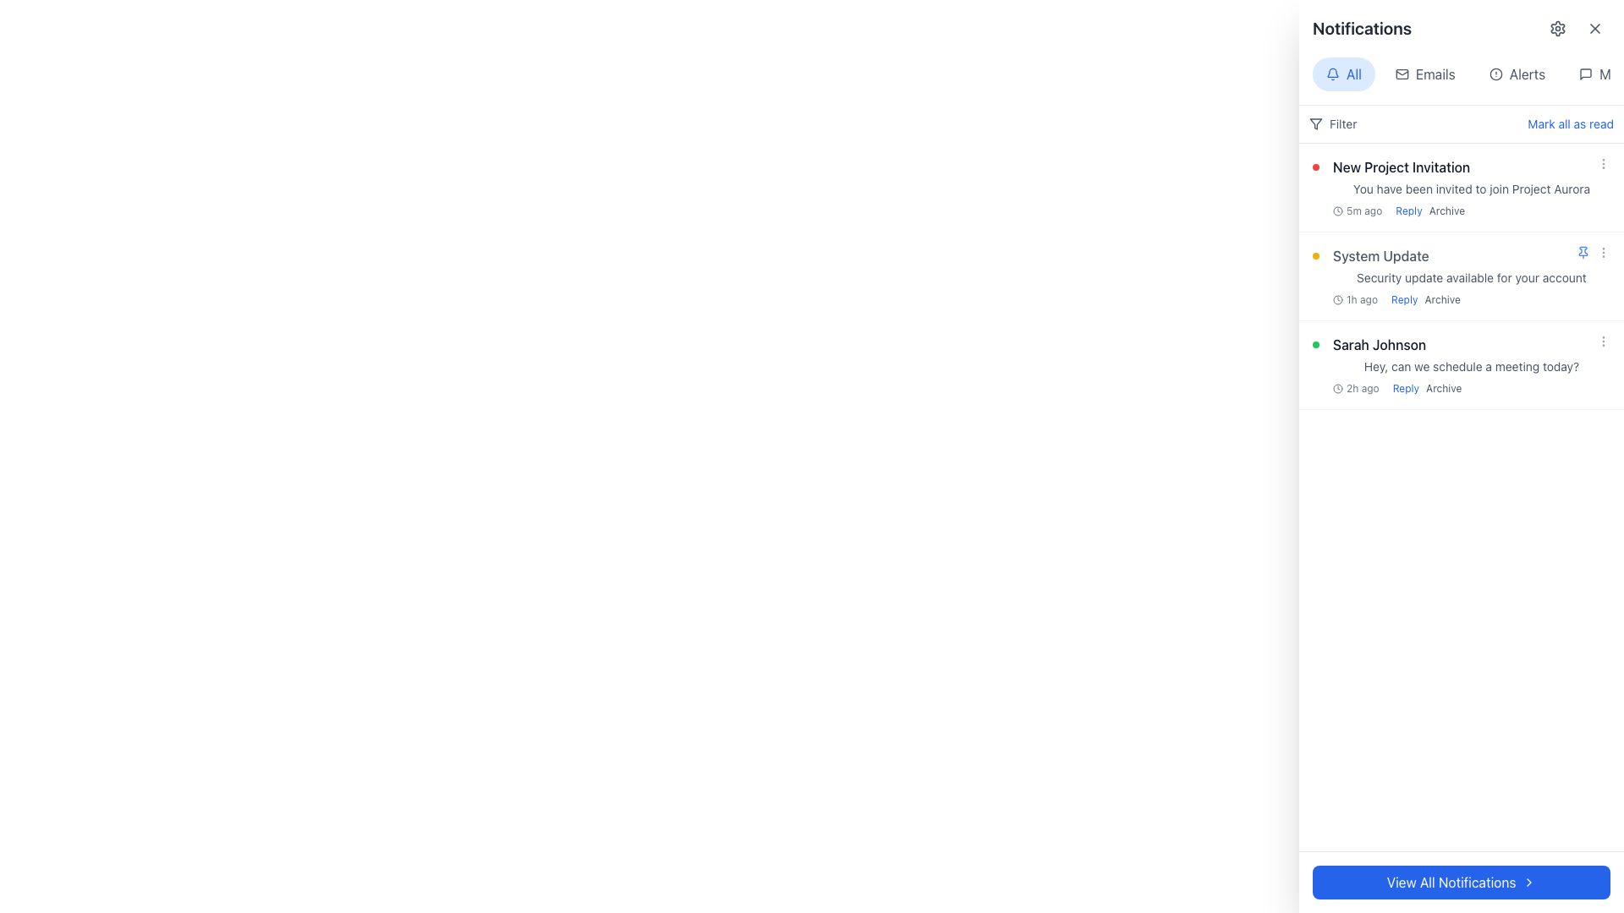 This screenshot has height=913, width=1624. What do you see at coordinates (1517, 74) in the screenshot?
I see `the 'Alerts' button, which is the third item in a horizontal row of tabs, to filter notifications to alerts` at bounding box center [1517, 74].